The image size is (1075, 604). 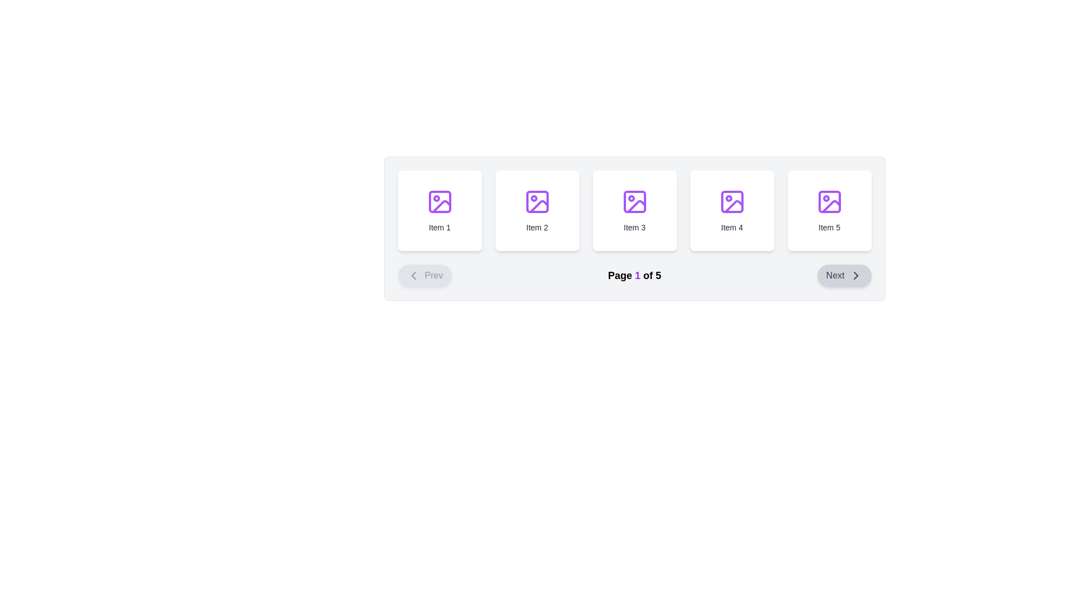 I want to click on the text label displaying 'Item 4' which is part of the fourth card in a horizontally aligned list of cards, so click(x=732, y=227).